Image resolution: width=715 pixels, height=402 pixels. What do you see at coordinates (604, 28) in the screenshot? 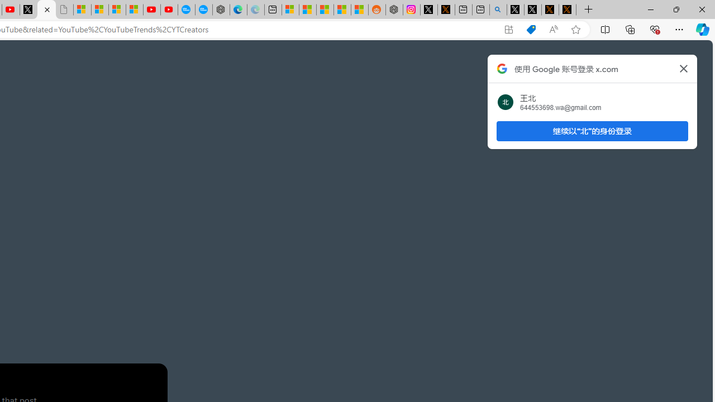
I see `'Split screen'` at bounding box center [604, 28].